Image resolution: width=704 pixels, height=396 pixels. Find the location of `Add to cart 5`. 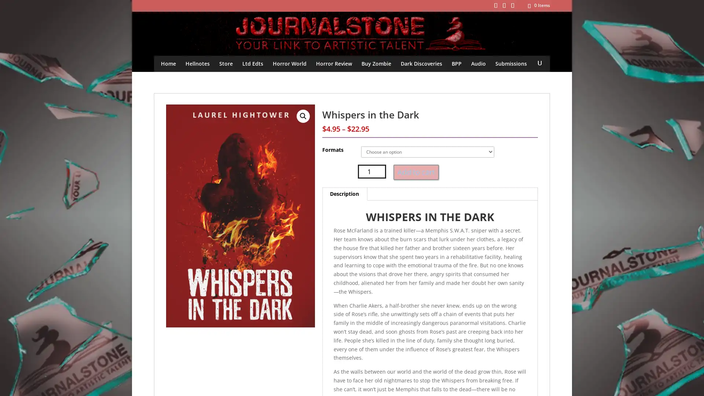

Add to cart 5 is located at coordinates (416, 172).